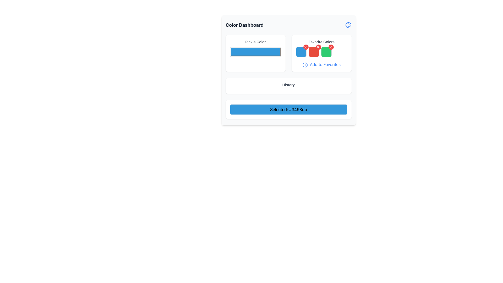 The height and width of the screenshot is (283, 503). What do you see at coordinates (330, 47) in the screenshot?
I see `the 'X' icon on the Delete button located in the top-right corner of the red square representing a favorite color` at bounding box center [330, 47].